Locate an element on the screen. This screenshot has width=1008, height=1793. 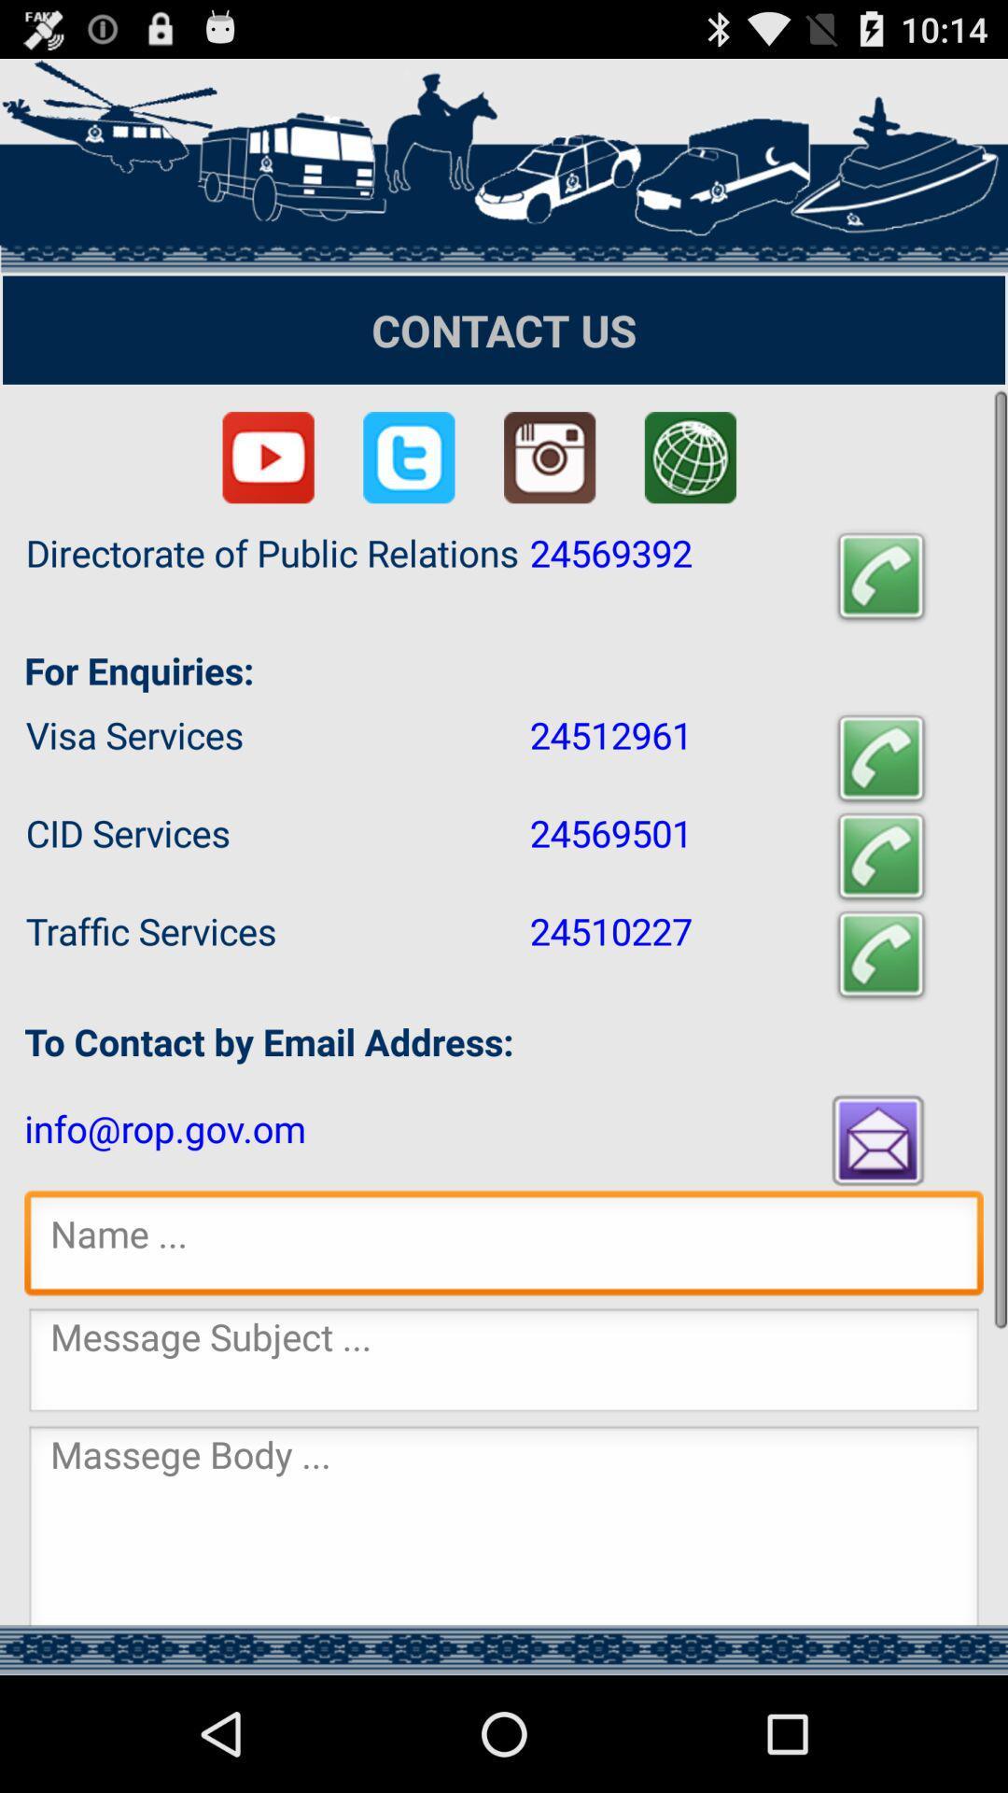
the photo icon is located at coordinates (549, 489).